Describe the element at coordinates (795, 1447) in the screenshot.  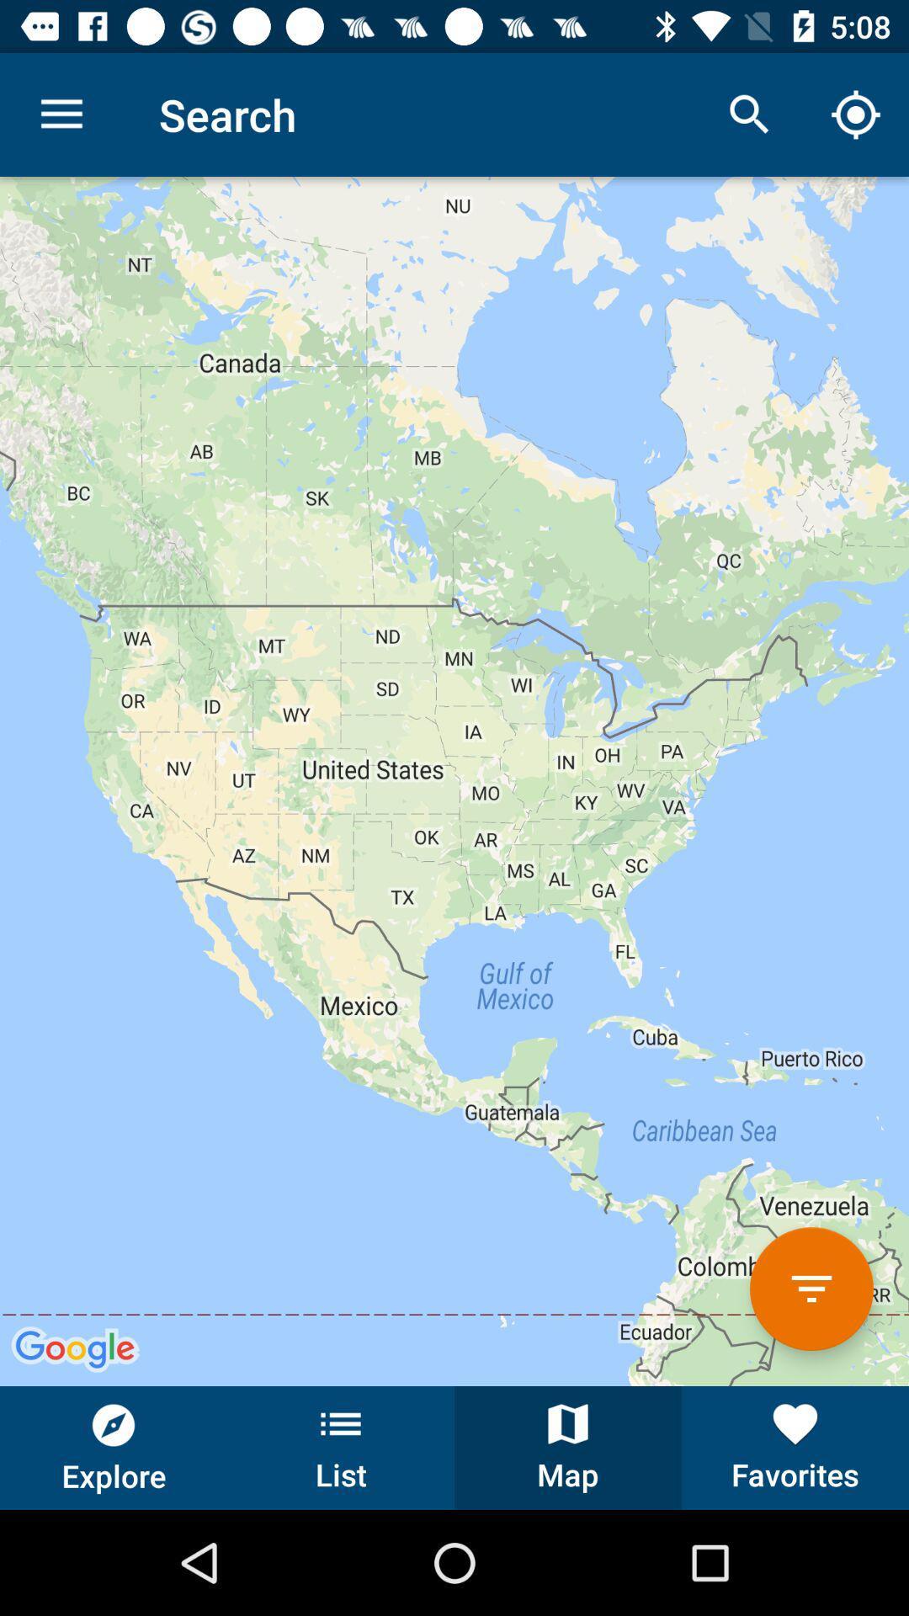
I see `favorites icon` at that location.